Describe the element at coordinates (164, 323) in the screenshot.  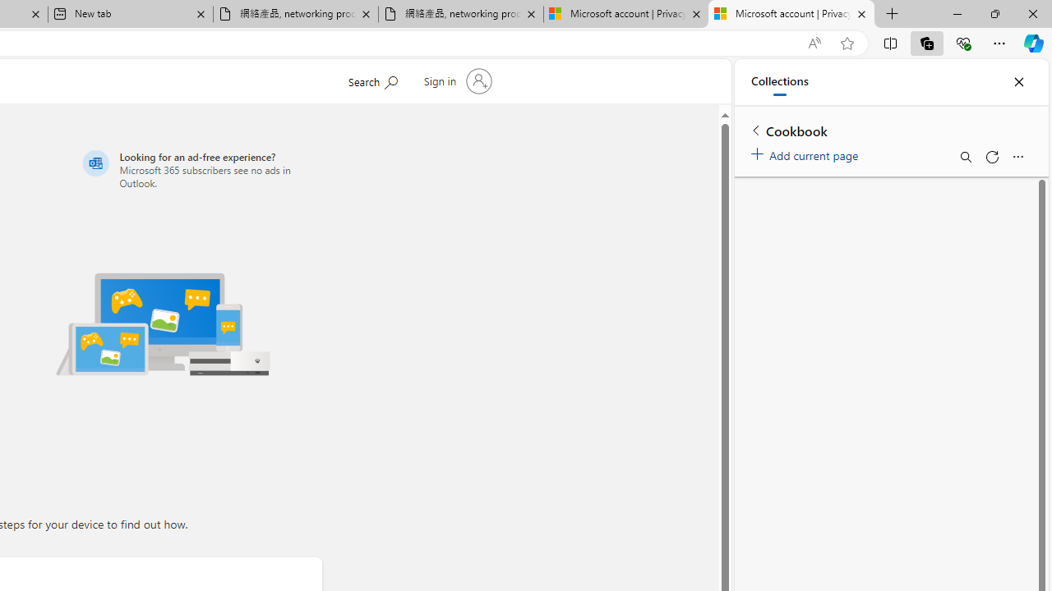
I see `'Illustration of multiple devices'` at that location.